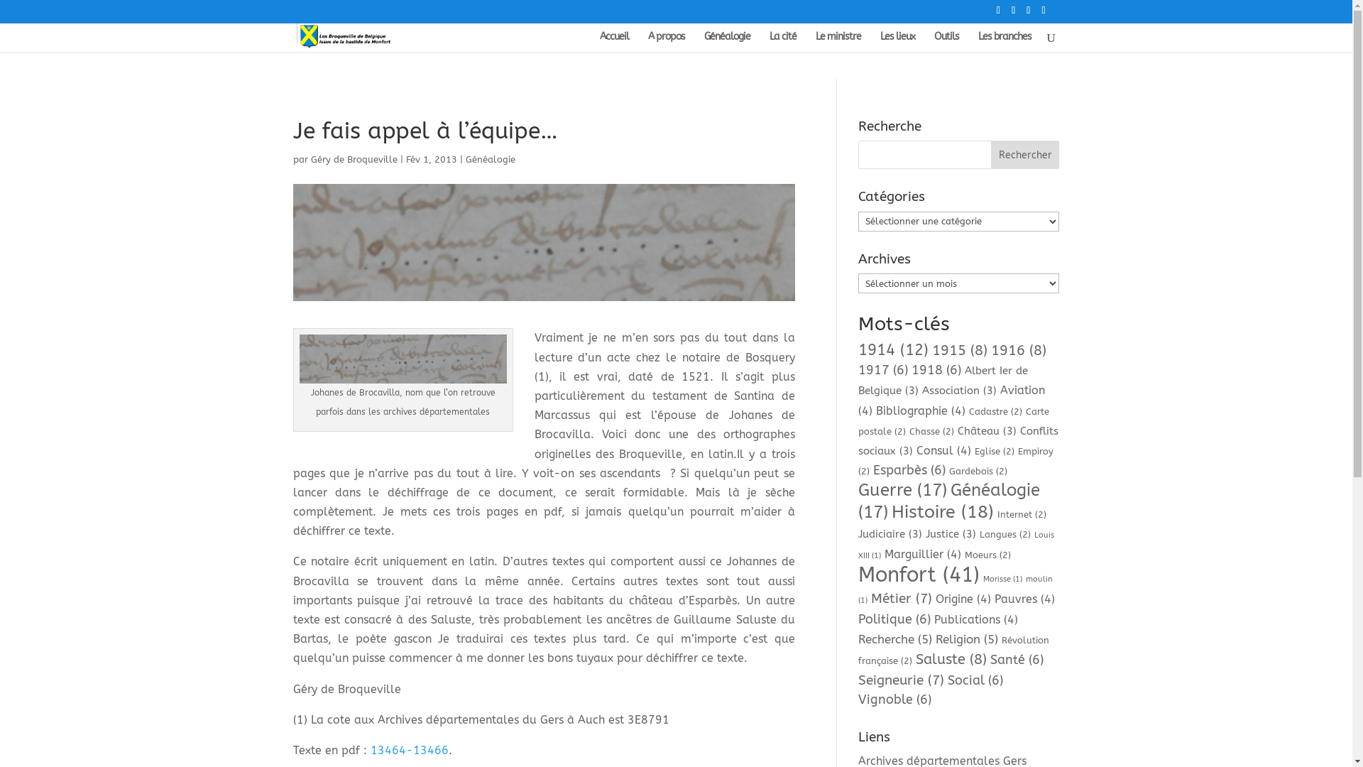 The image size is (1363, 767). What do you see at coordinates (982, 579) in the screenshot?
I see `'Morisse (1)'` at bounding box center [982, 579].